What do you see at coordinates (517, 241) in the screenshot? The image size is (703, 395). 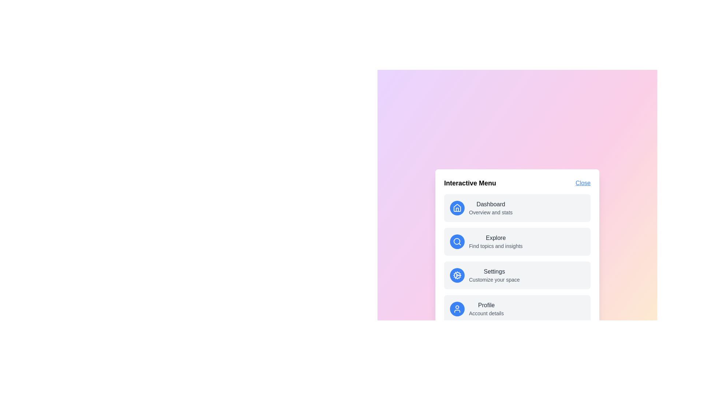 I see `the menu item labeled 'Explore' to observe its hover effects` at bounding box center [517, 241].